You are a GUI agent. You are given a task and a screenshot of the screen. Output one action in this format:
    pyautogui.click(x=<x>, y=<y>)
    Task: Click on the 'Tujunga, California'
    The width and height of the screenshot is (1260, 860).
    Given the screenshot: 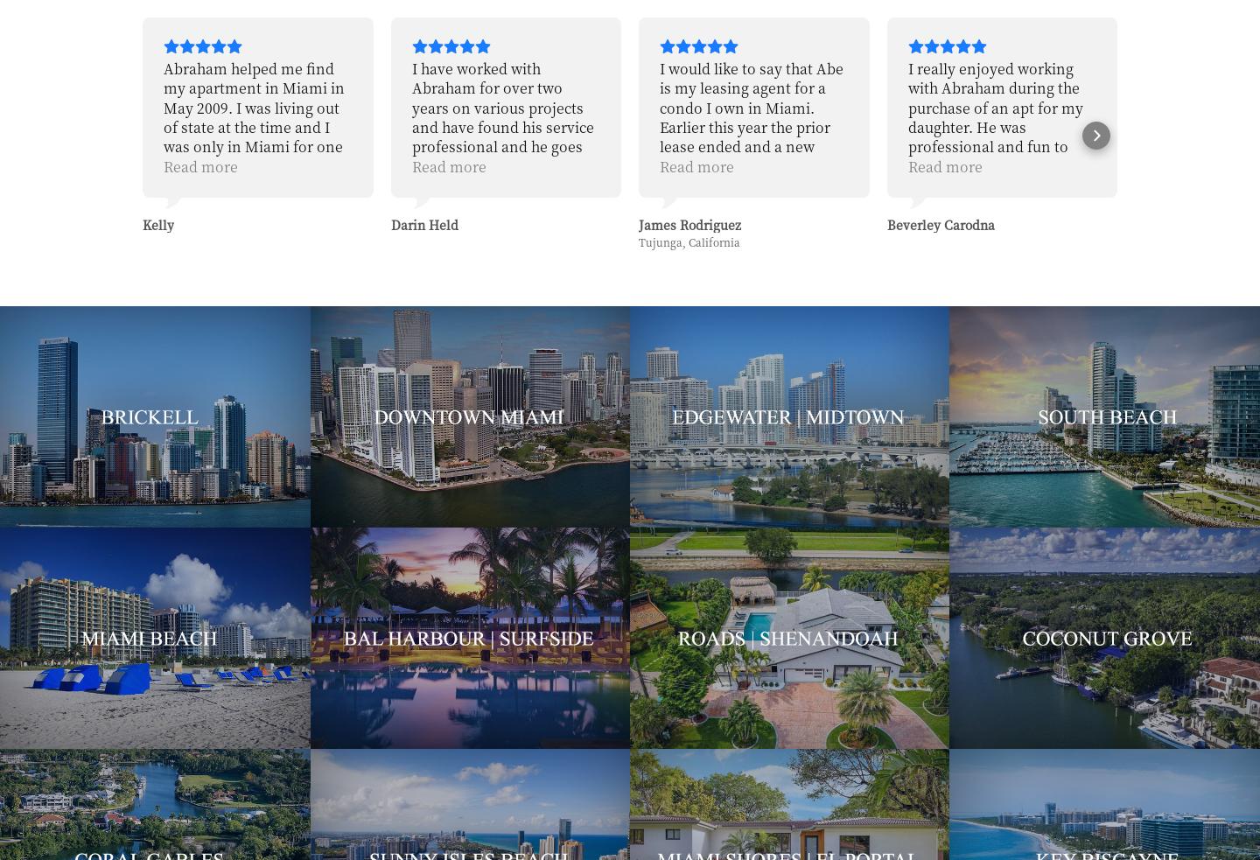 What is the action you would take?
    pyautogui.click(x=439, y=241)
    